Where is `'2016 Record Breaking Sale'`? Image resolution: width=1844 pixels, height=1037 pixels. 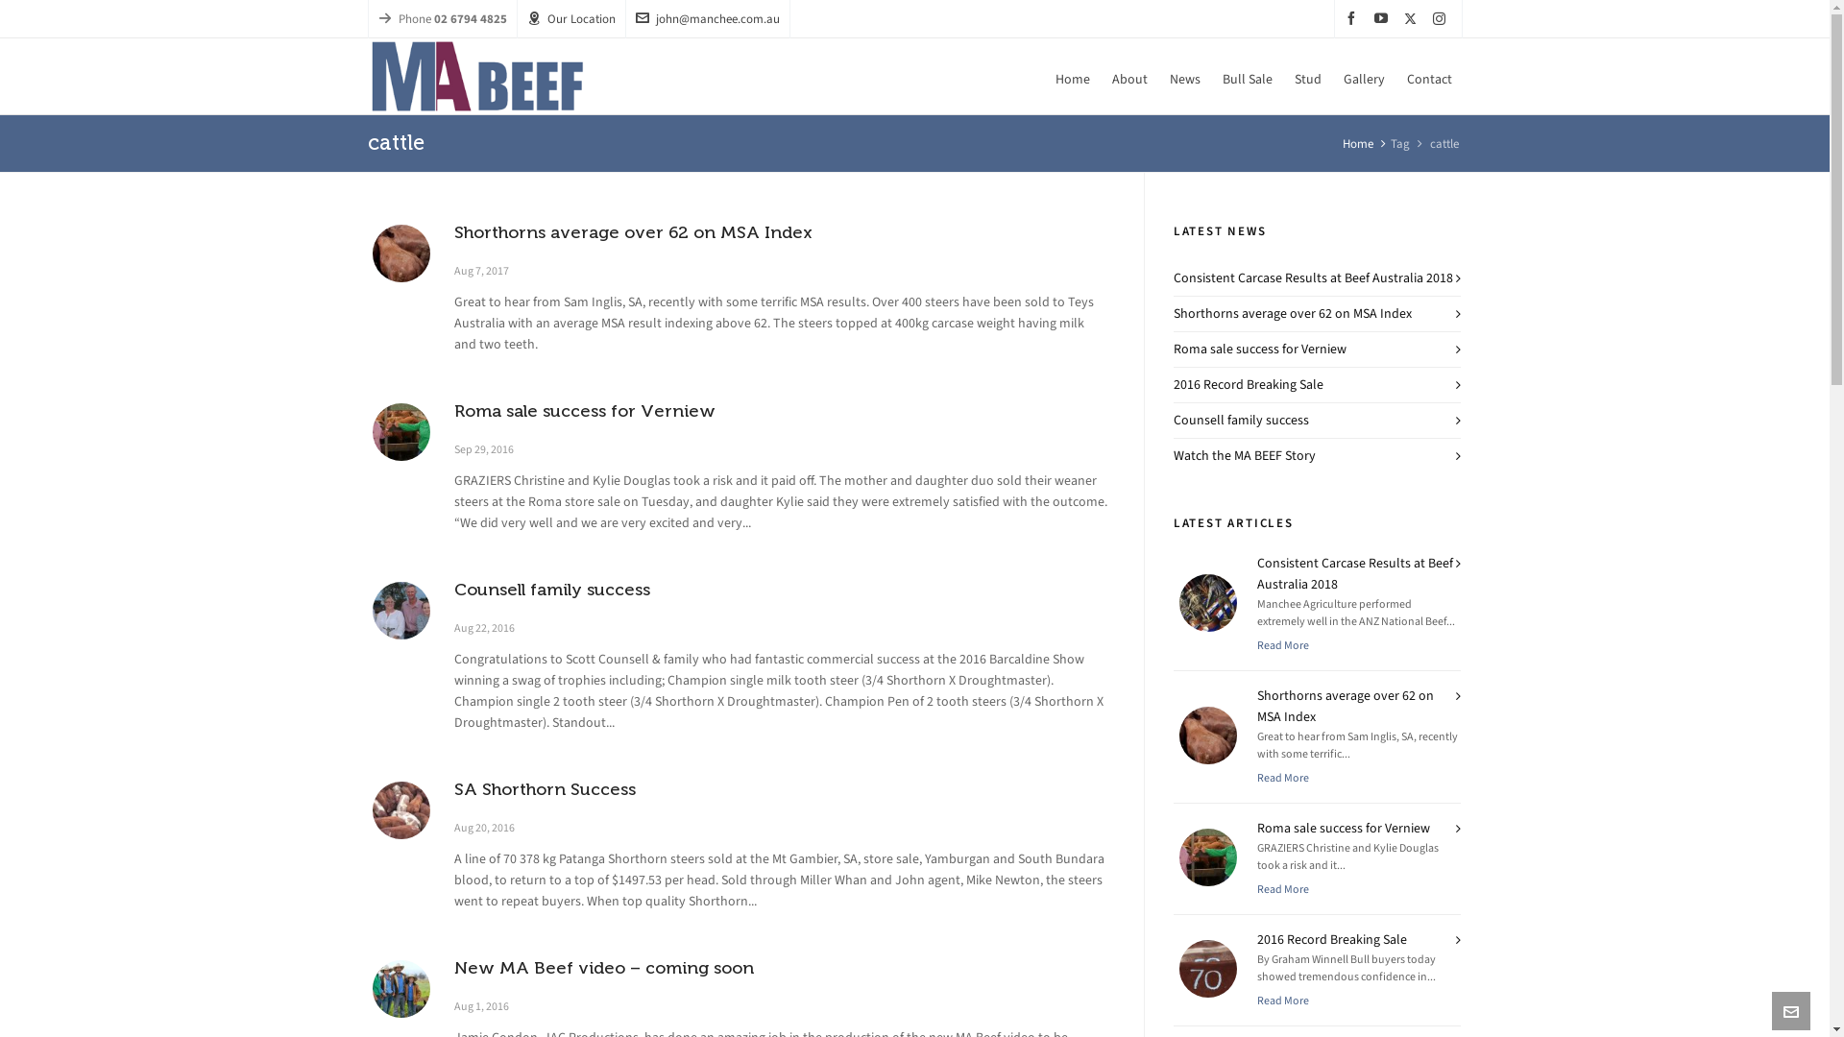
'2016 Record Breaking Sale' is located at coordinates (1249, 384).